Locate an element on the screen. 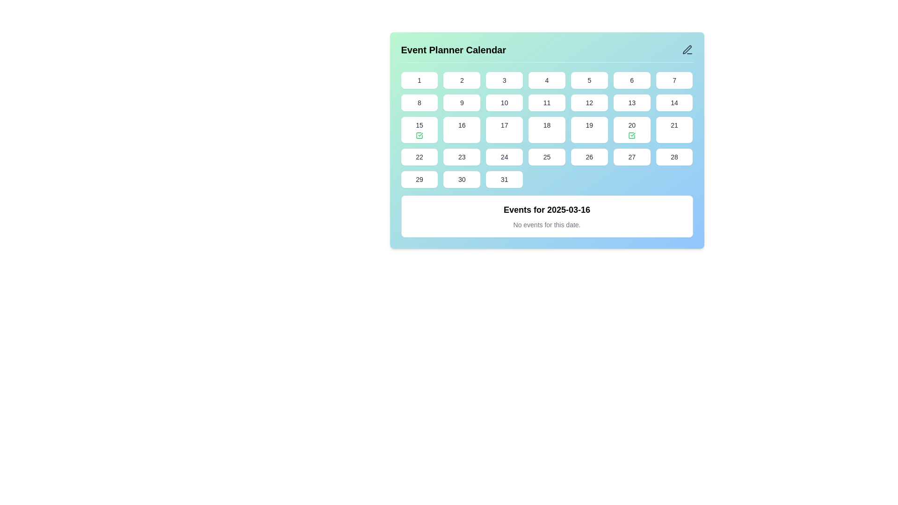 The image size is (898, 505). the pen-like icon in the top-right corner of the interface is located at coordinates (687, 50).